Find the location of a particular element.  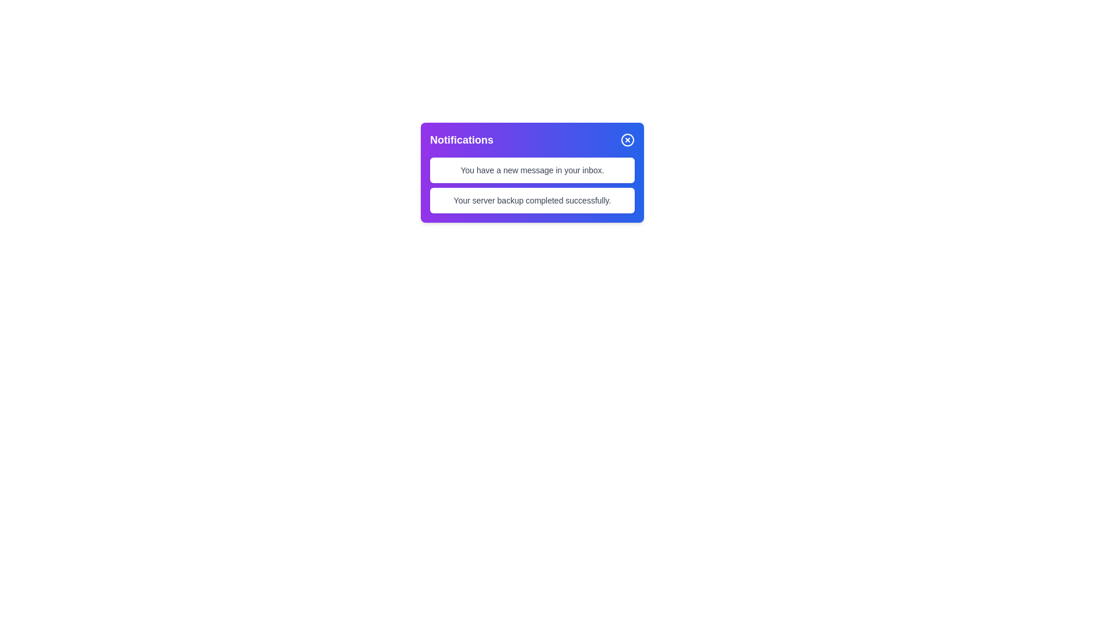

text notification that states 'Your server backup completed successfully.' which is styled with a white background and light gray text, located in the purple notification card below another notification is located at coordinates (532, 199).